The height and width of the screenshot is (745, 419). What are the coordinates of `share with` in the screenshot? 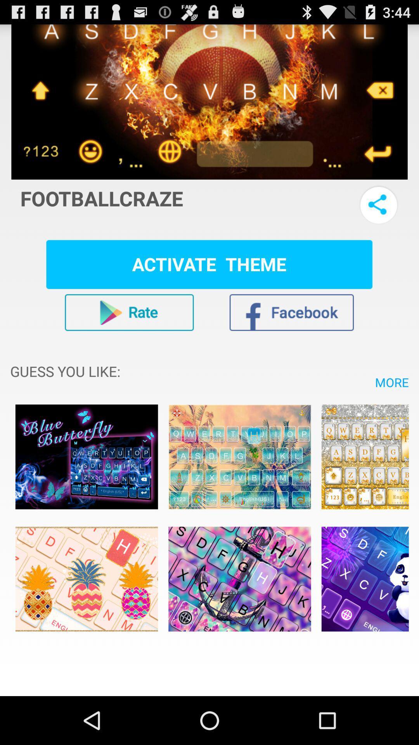 It's located at (378, 204).